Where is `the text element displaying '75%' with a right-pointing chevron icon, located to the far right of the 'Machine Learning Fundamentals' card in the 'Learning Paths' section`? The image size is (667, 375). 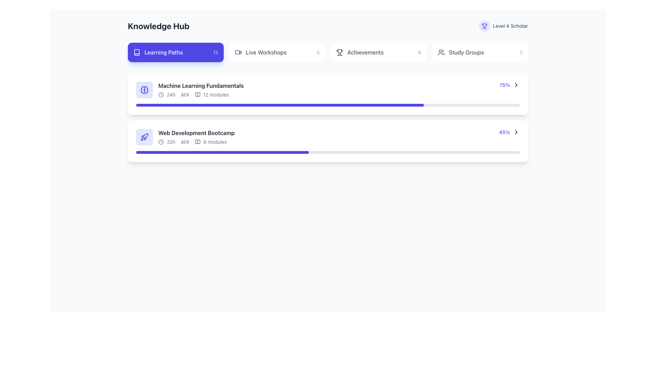
the text element displaying '75%' with a right-pointing chevron icon, located to the far right of the 'Machine Learning Fundamentals' card in the 'Learning Paths' section is located at coordinates (510, 85).